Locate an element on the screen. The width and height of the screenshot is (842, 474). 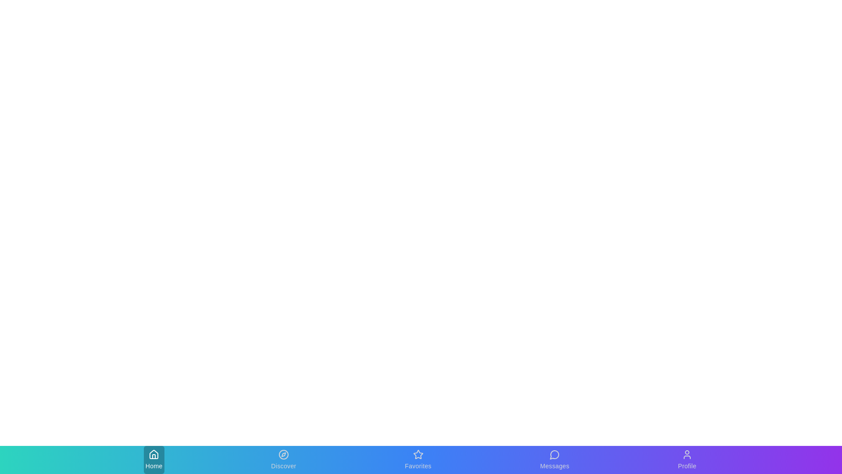
the tab named Messages is located at coordinates (553, 460).